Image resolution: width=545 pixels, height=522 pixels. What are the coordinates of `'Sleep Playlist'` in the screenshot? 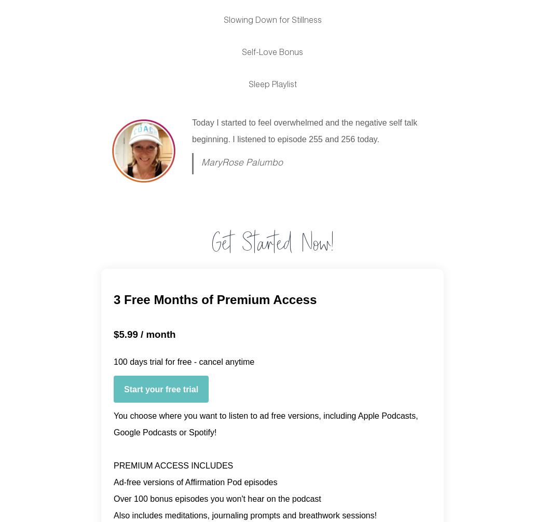 It's located at (271, 85).